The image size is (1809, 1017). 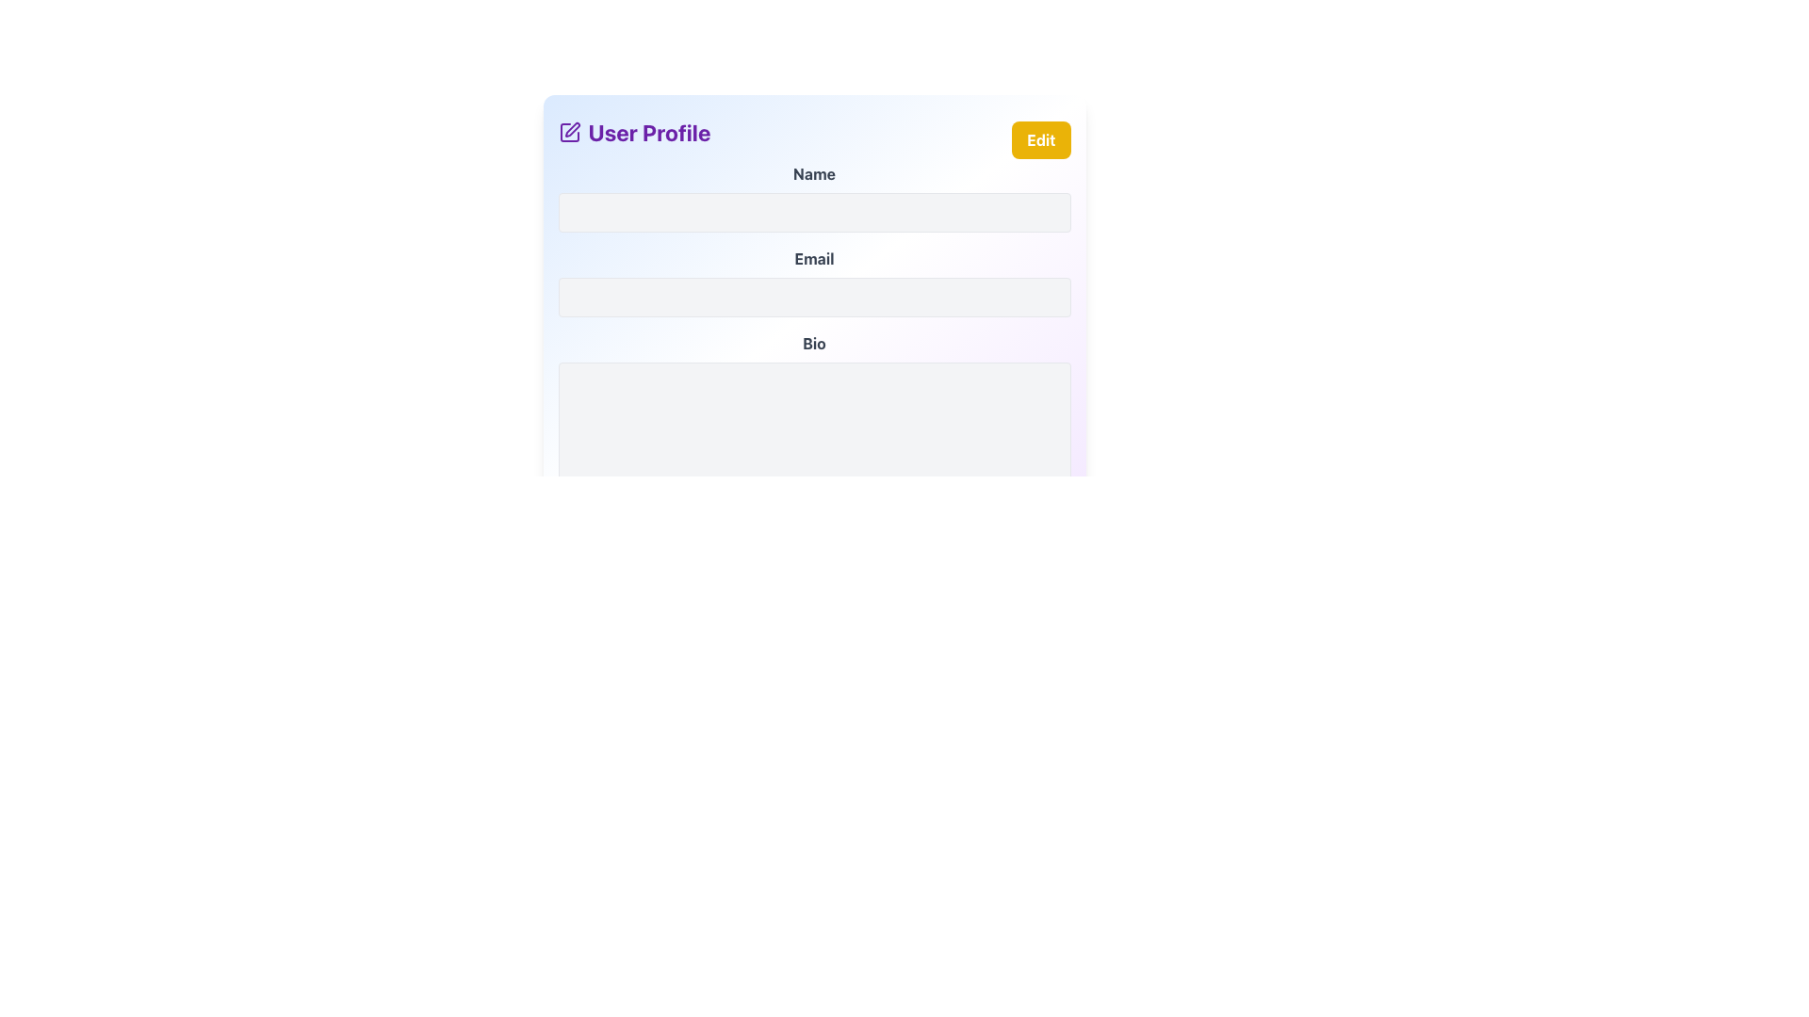 What do you see at coordinates (568, 132) in the screenshot?
I see `the editing icon located at the top-left corner of the 'User Profile' section` at bounding box center [568, 132].